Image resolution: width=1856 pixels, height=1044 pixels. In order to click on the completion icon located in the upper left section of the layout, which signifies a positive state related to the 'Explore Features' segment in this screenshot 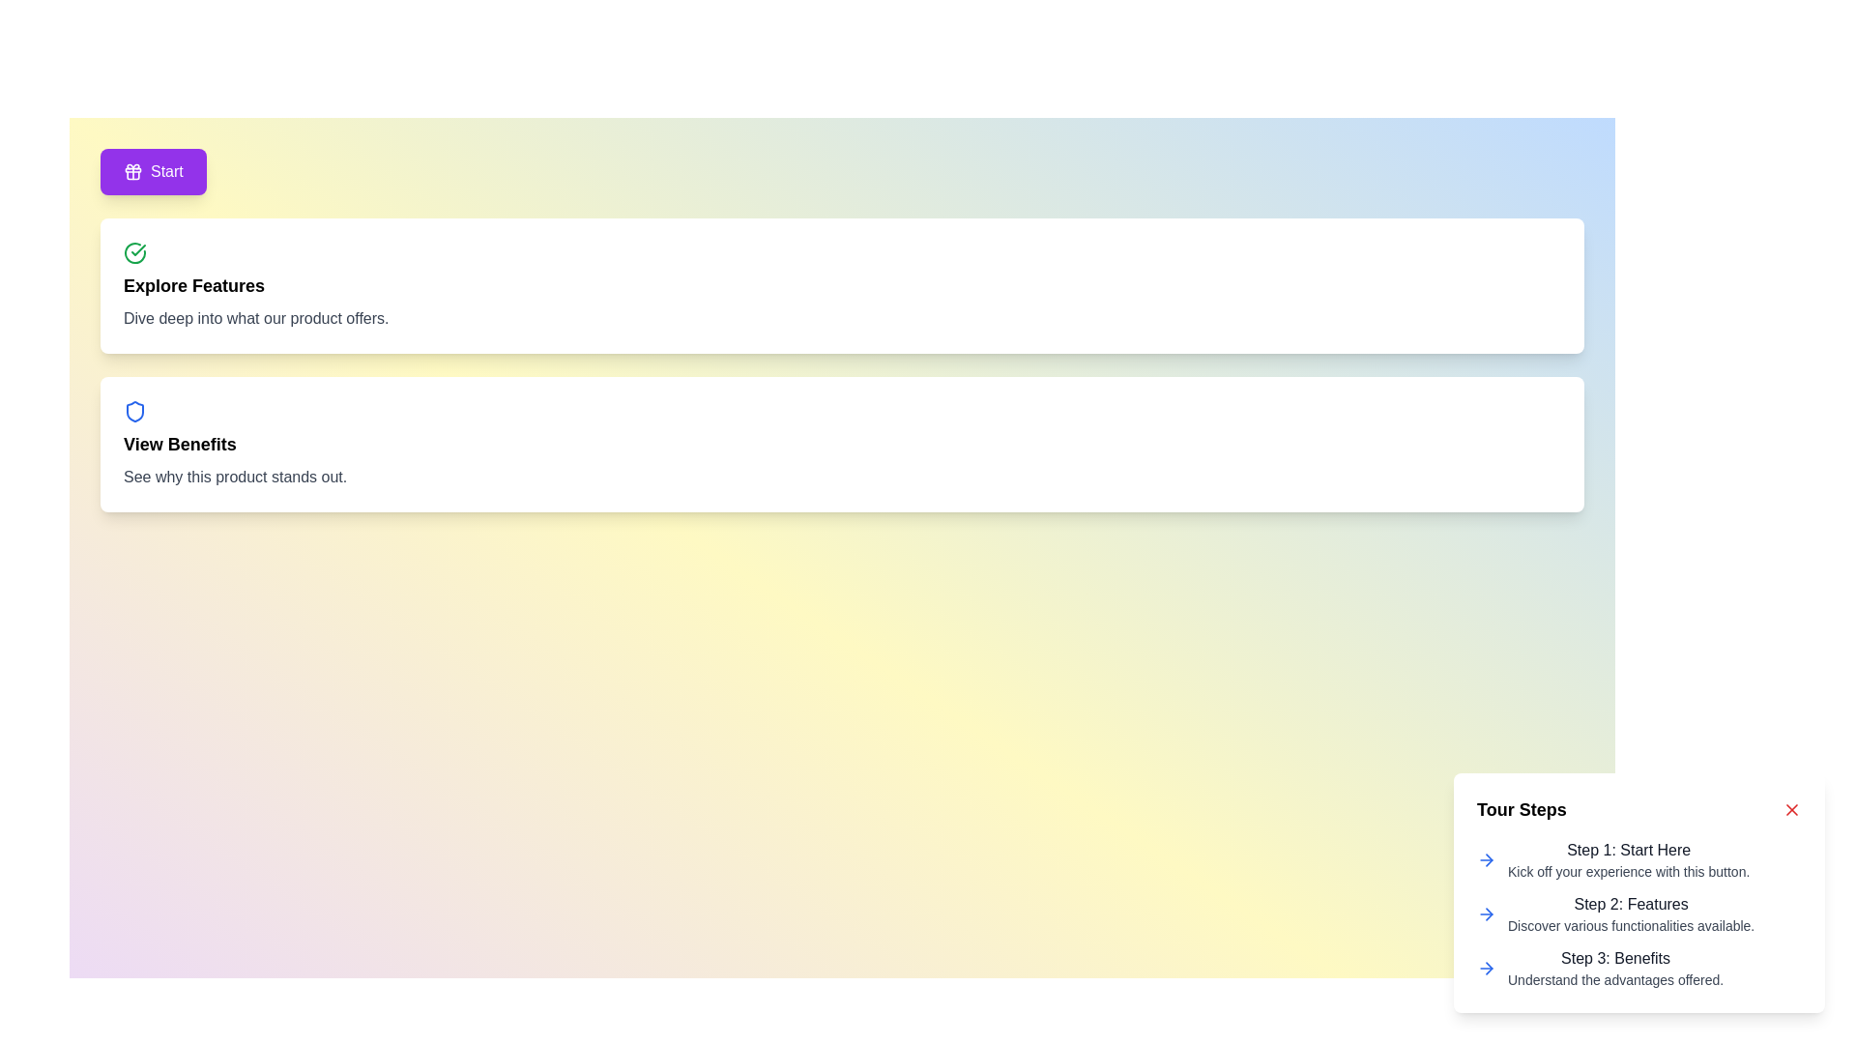, I will do `click(137, 248)`.